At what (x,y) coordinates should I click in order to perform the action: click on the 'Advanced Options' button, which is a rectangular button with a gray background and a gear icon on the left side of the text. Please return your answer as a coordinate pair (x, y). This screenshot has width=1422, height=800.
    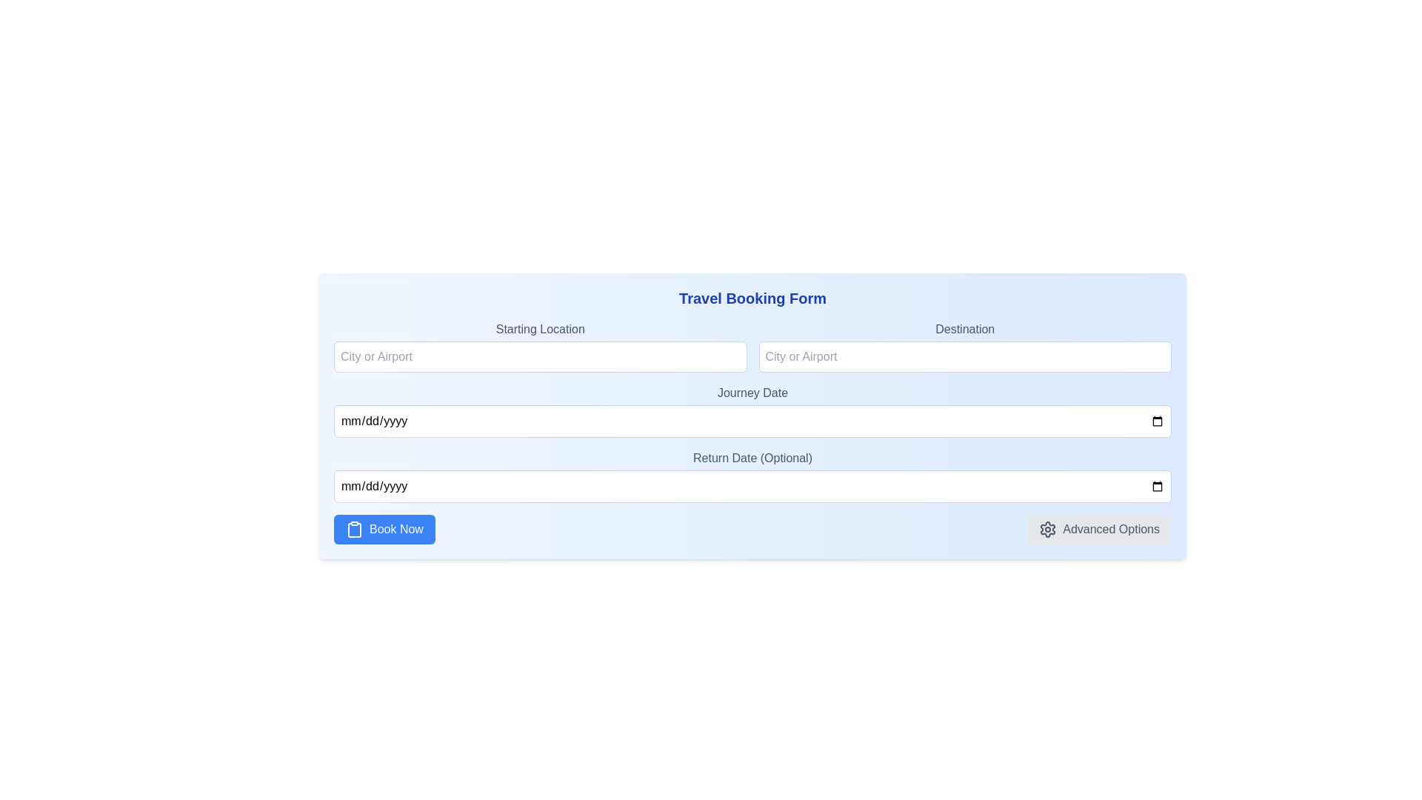
    Looking at the image, I should click on (1099, 528).